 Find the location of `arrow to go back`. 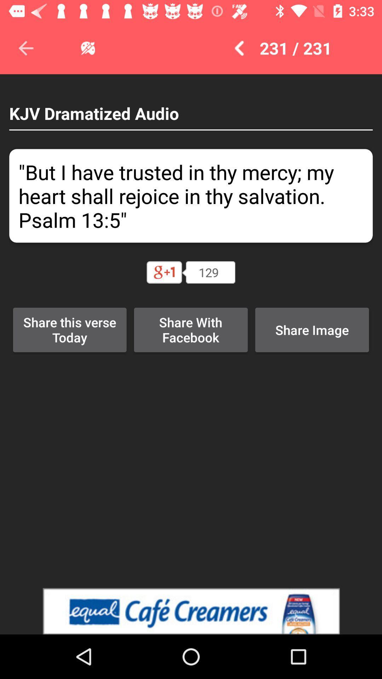

arrow to go back is located at coordinates (25, 48).